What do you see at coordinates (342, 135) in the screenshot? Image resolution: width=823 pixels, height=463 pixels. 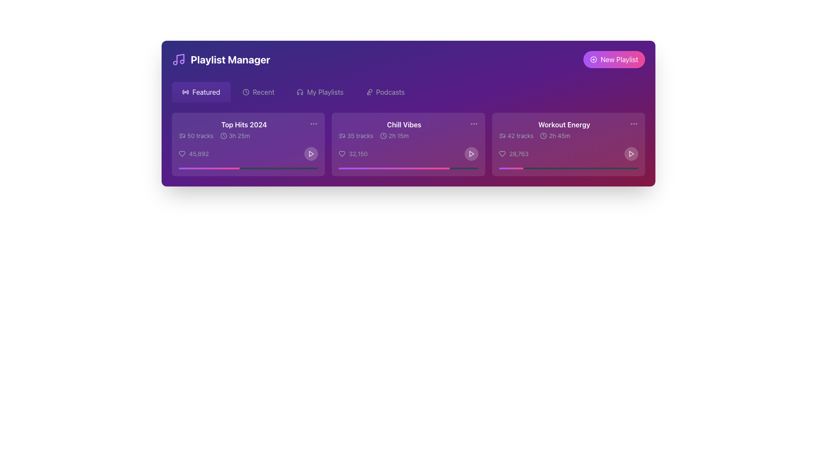 I see `the small music note list icon styled in line art format, located to the left of the text '35 tracks'` at bounding box center [342, 135].